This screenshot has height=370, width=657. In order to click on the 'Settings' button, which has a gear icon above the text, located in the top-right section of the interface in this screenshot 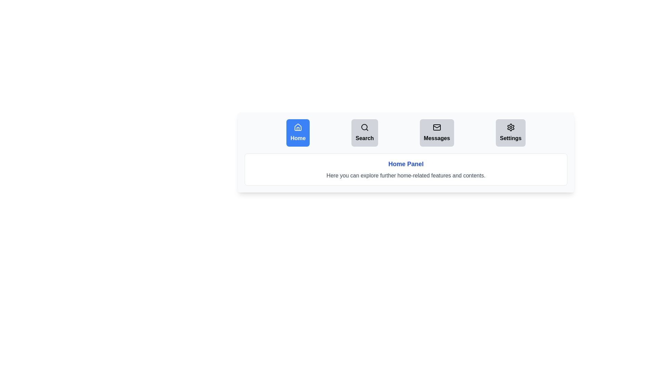, I will do `click(511, 133)`.